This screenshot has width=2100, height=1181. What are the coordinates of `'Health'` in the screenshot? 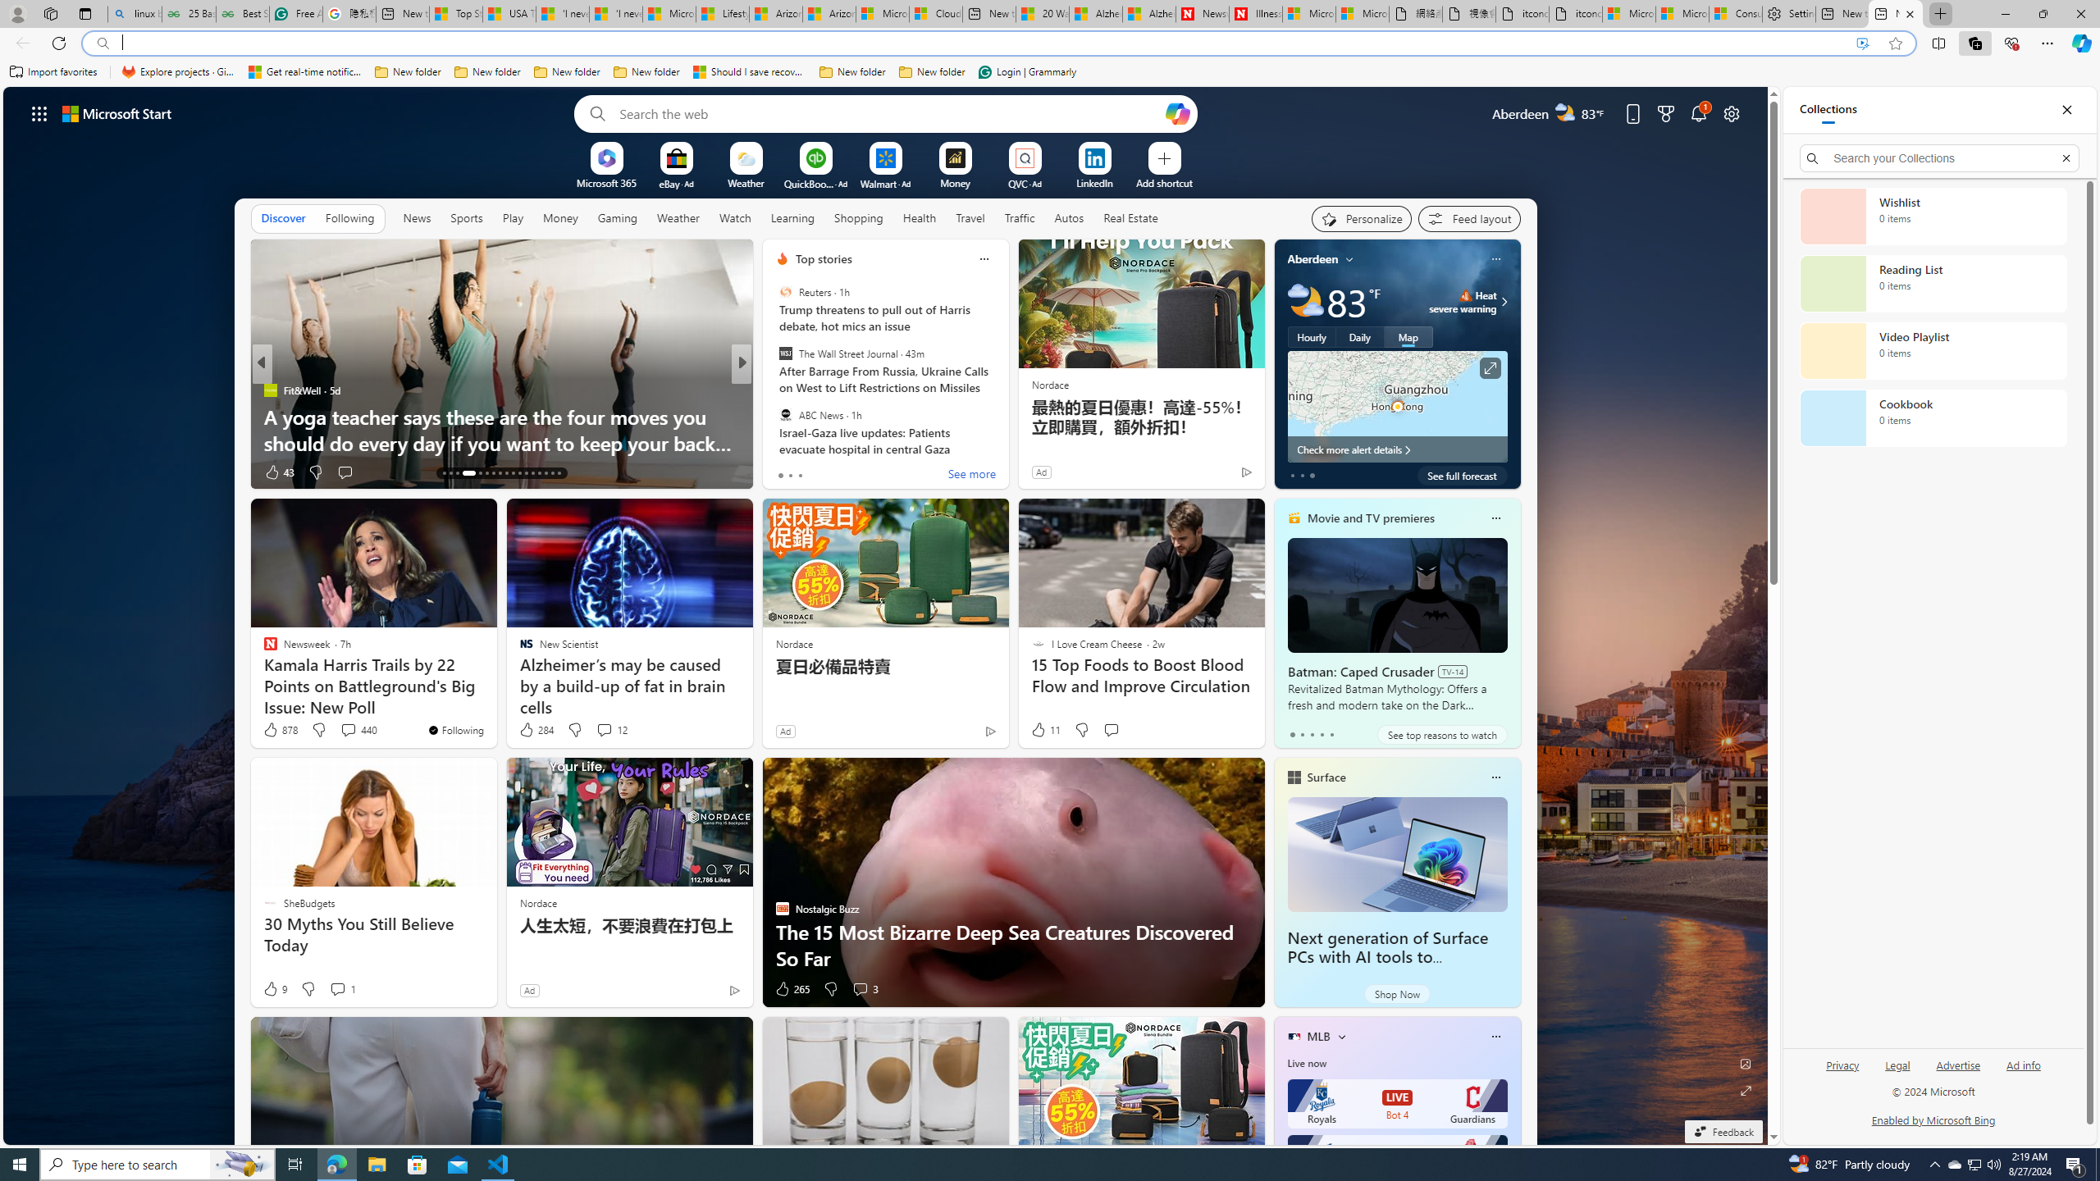 It's located at (920, 217).